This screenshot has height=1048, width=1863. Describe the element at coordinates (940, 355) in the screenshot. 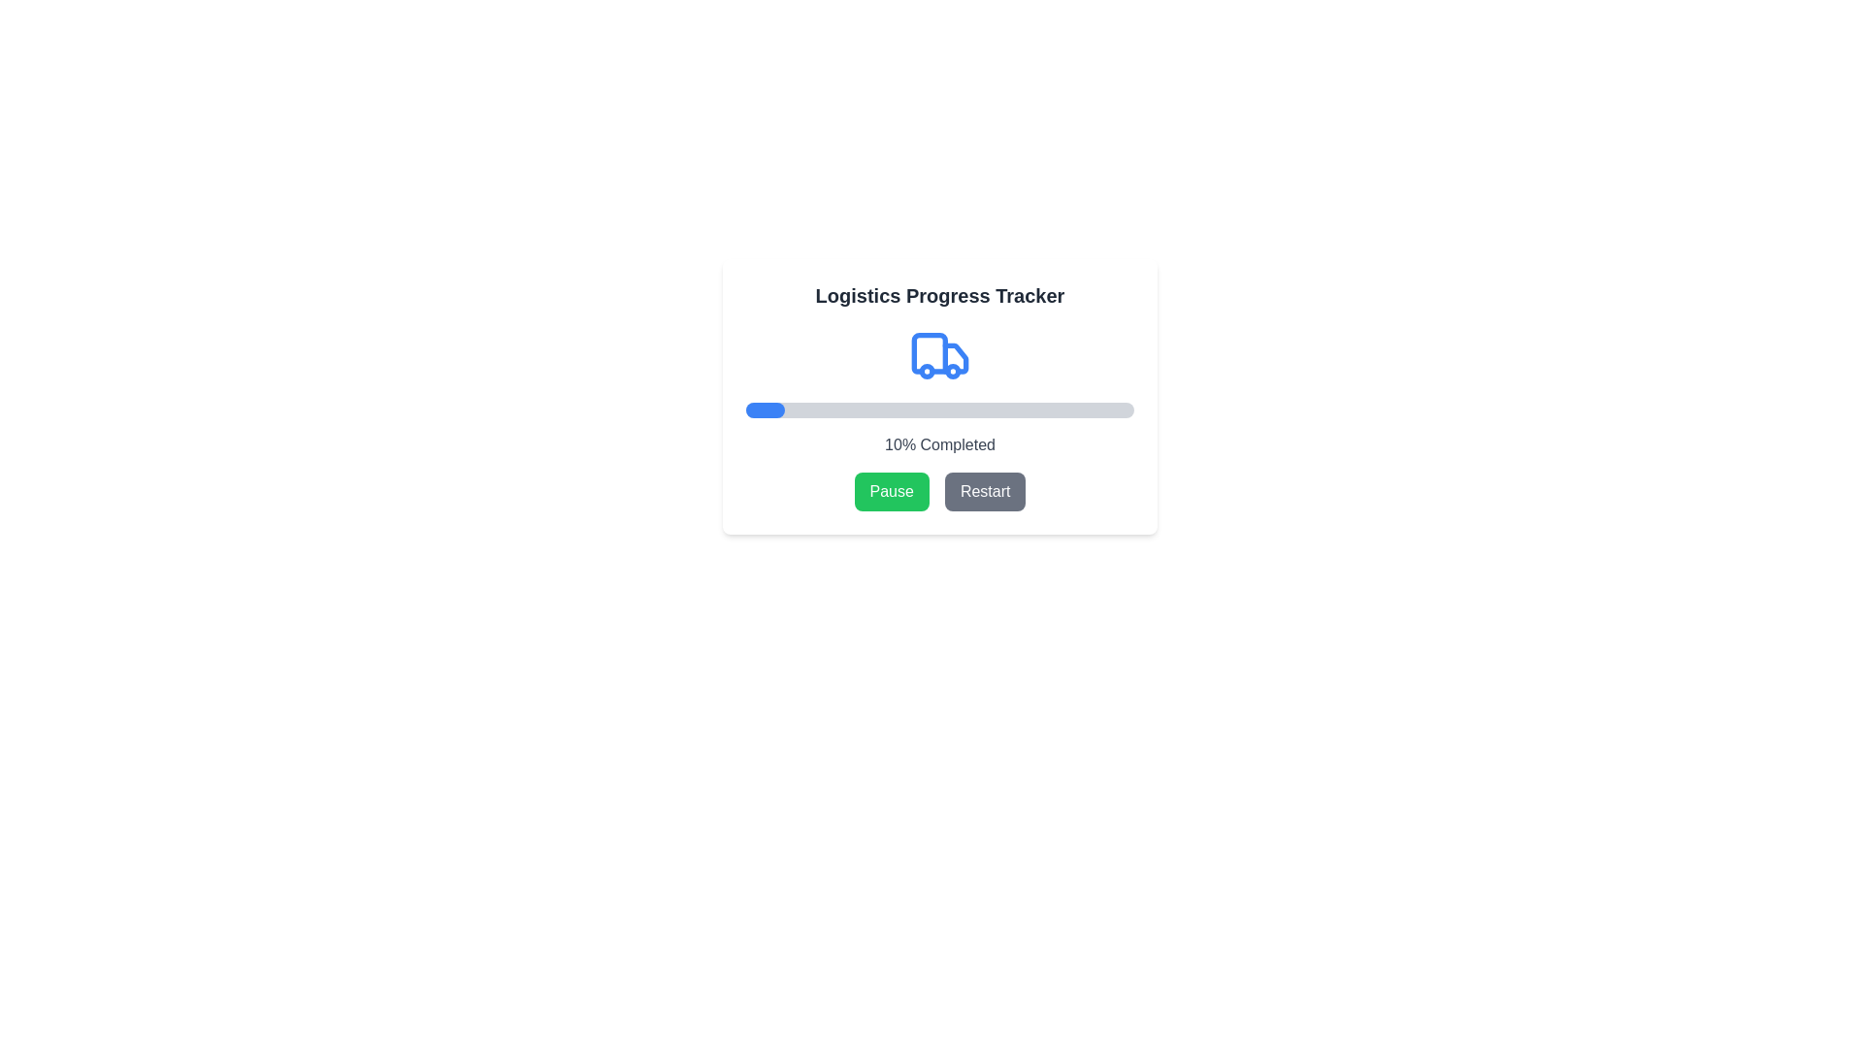

I see `the truck icon with a blue outline located centrally below the title 'Logistics Progress Tracker'` at that location.